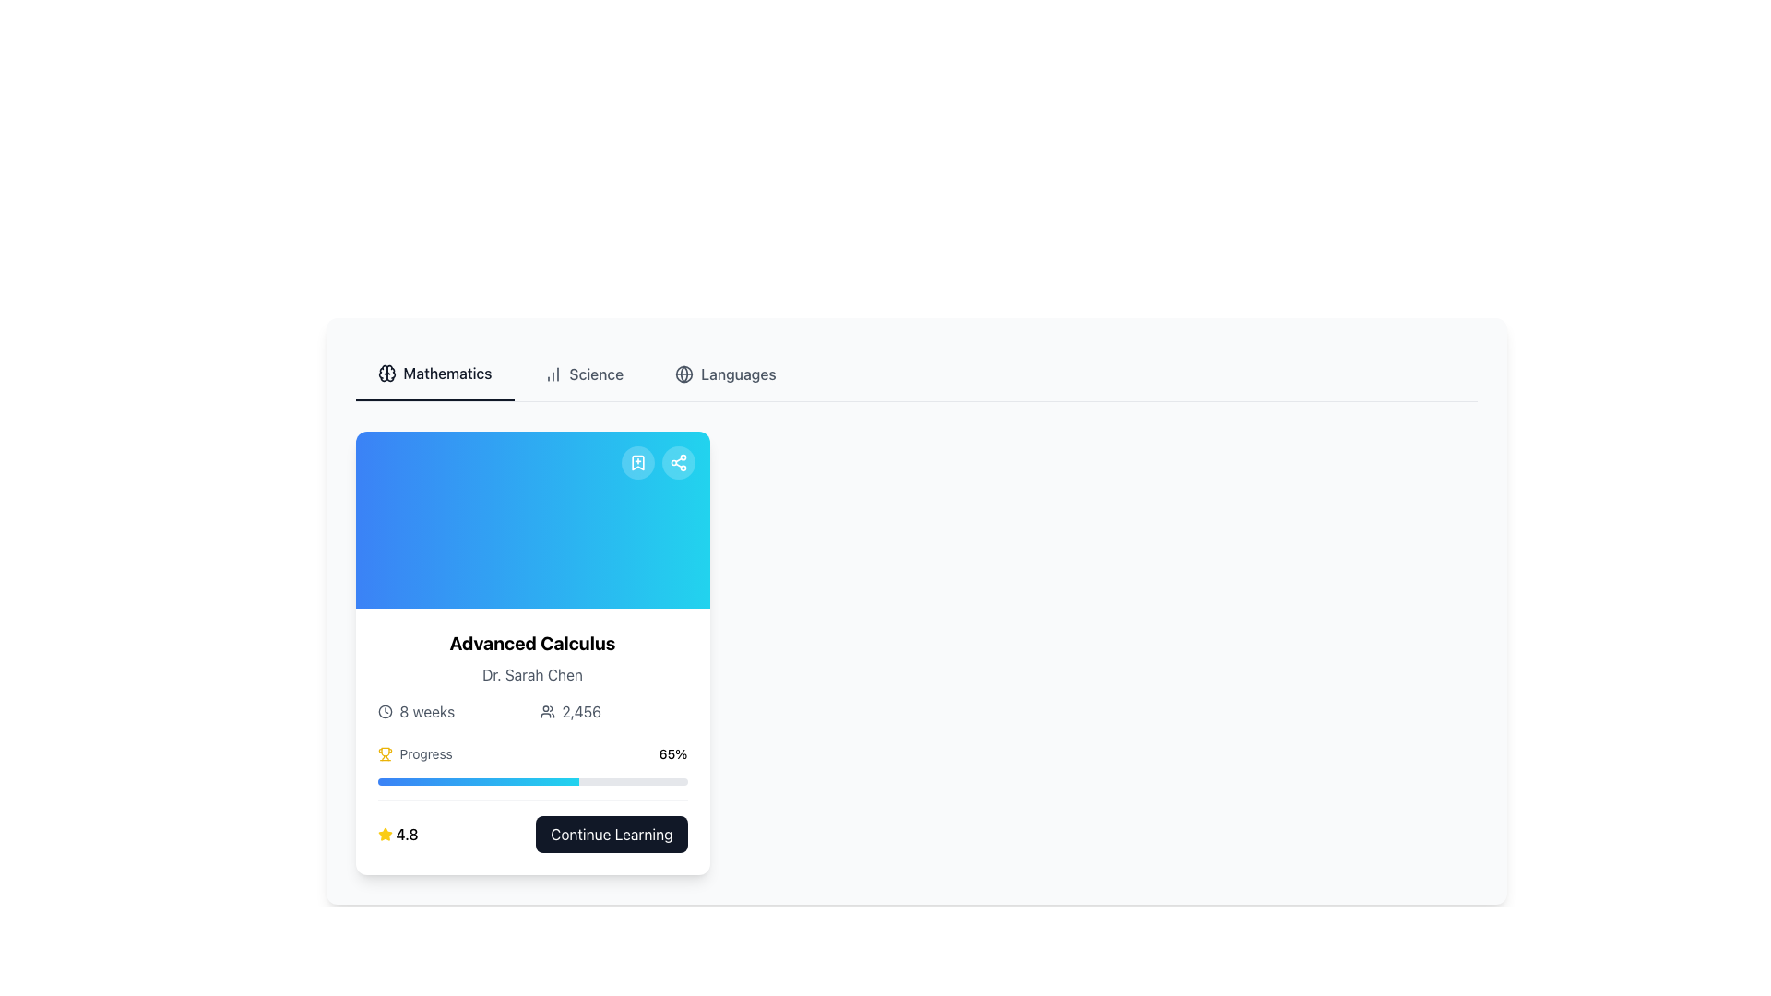 The image size is (1771, 996). I want to click on the 'Continue Learning' button, which is a rectangular button with white text on a dark background, located at the bottom-right corner of a card layout, so click(612, 835).